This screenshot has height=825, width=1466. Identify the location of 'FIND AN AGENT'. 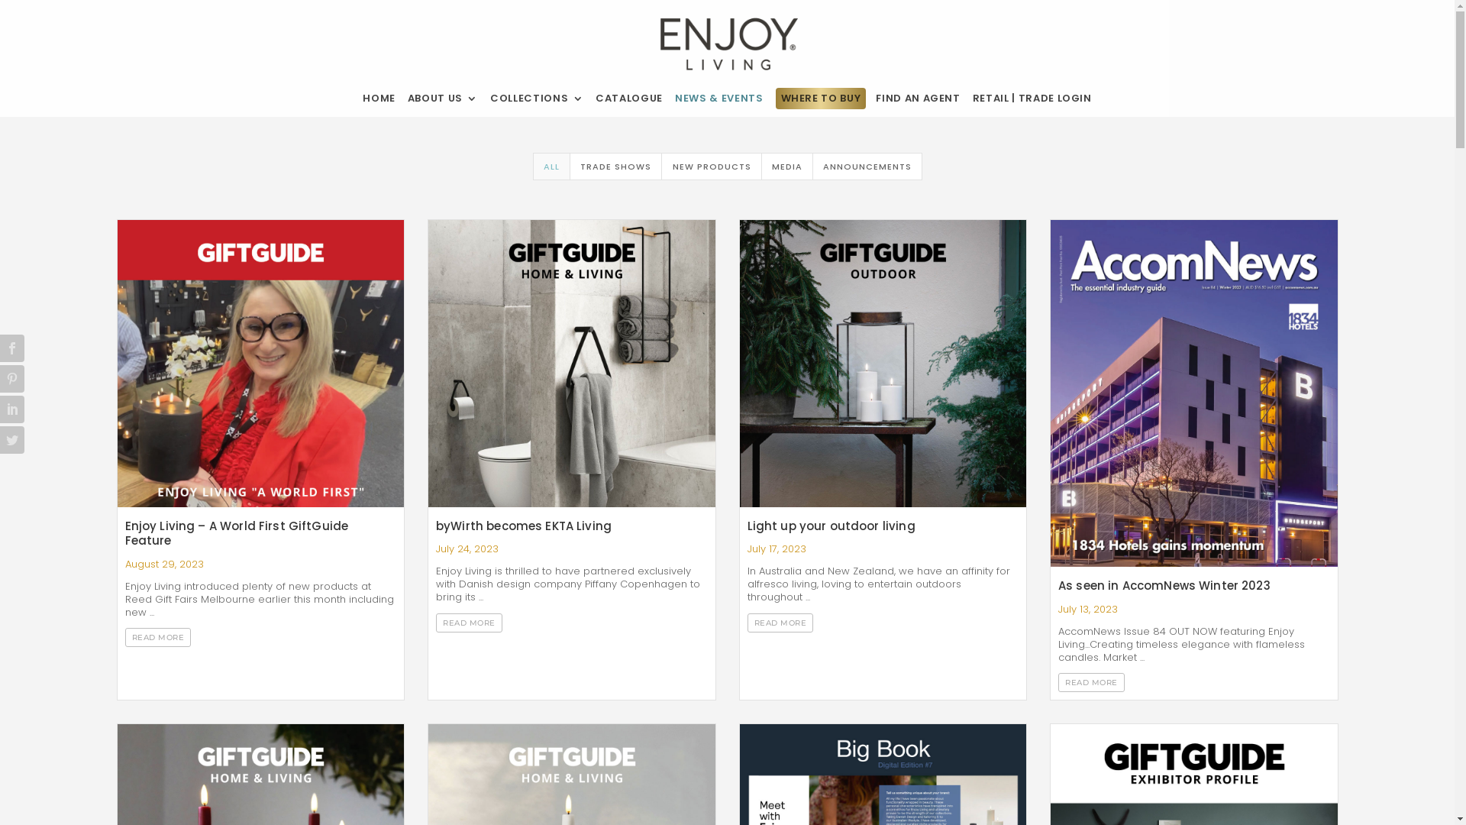
(916, 98).